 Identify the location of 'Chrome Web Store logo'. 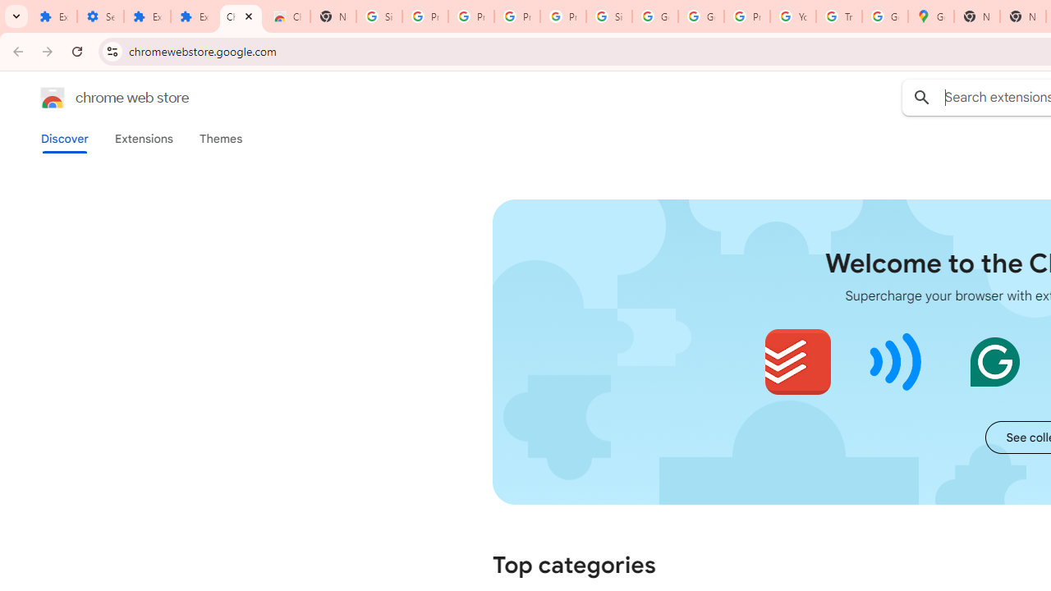
(53, 98).